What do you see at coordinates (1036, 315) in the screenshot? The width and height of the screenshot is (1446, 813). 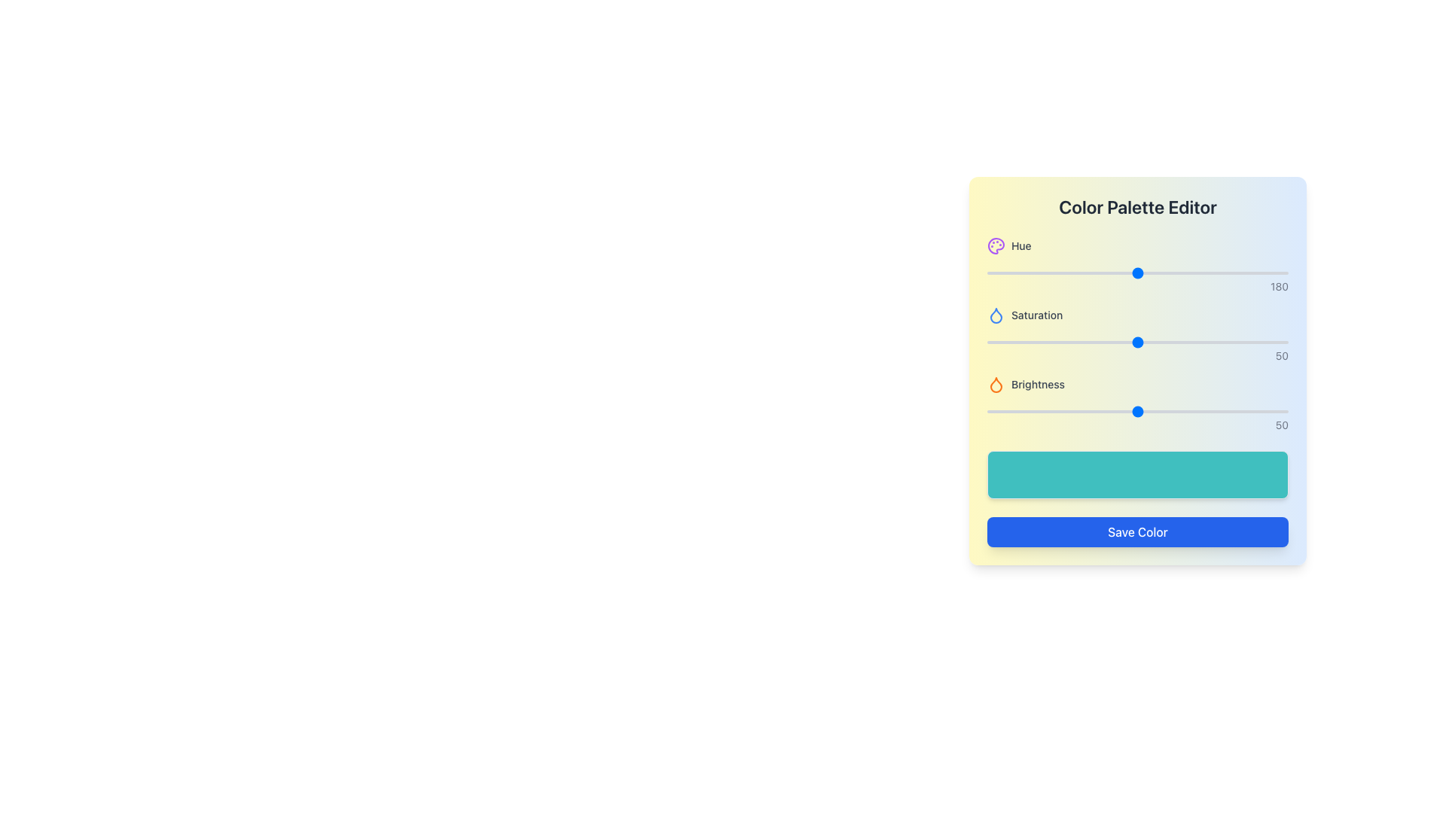 I see `the 'Saturation' label, which is styled in a medium-sized, sans-serif font and located next to a blue droplet icon` at bounding box center [1036, 315].